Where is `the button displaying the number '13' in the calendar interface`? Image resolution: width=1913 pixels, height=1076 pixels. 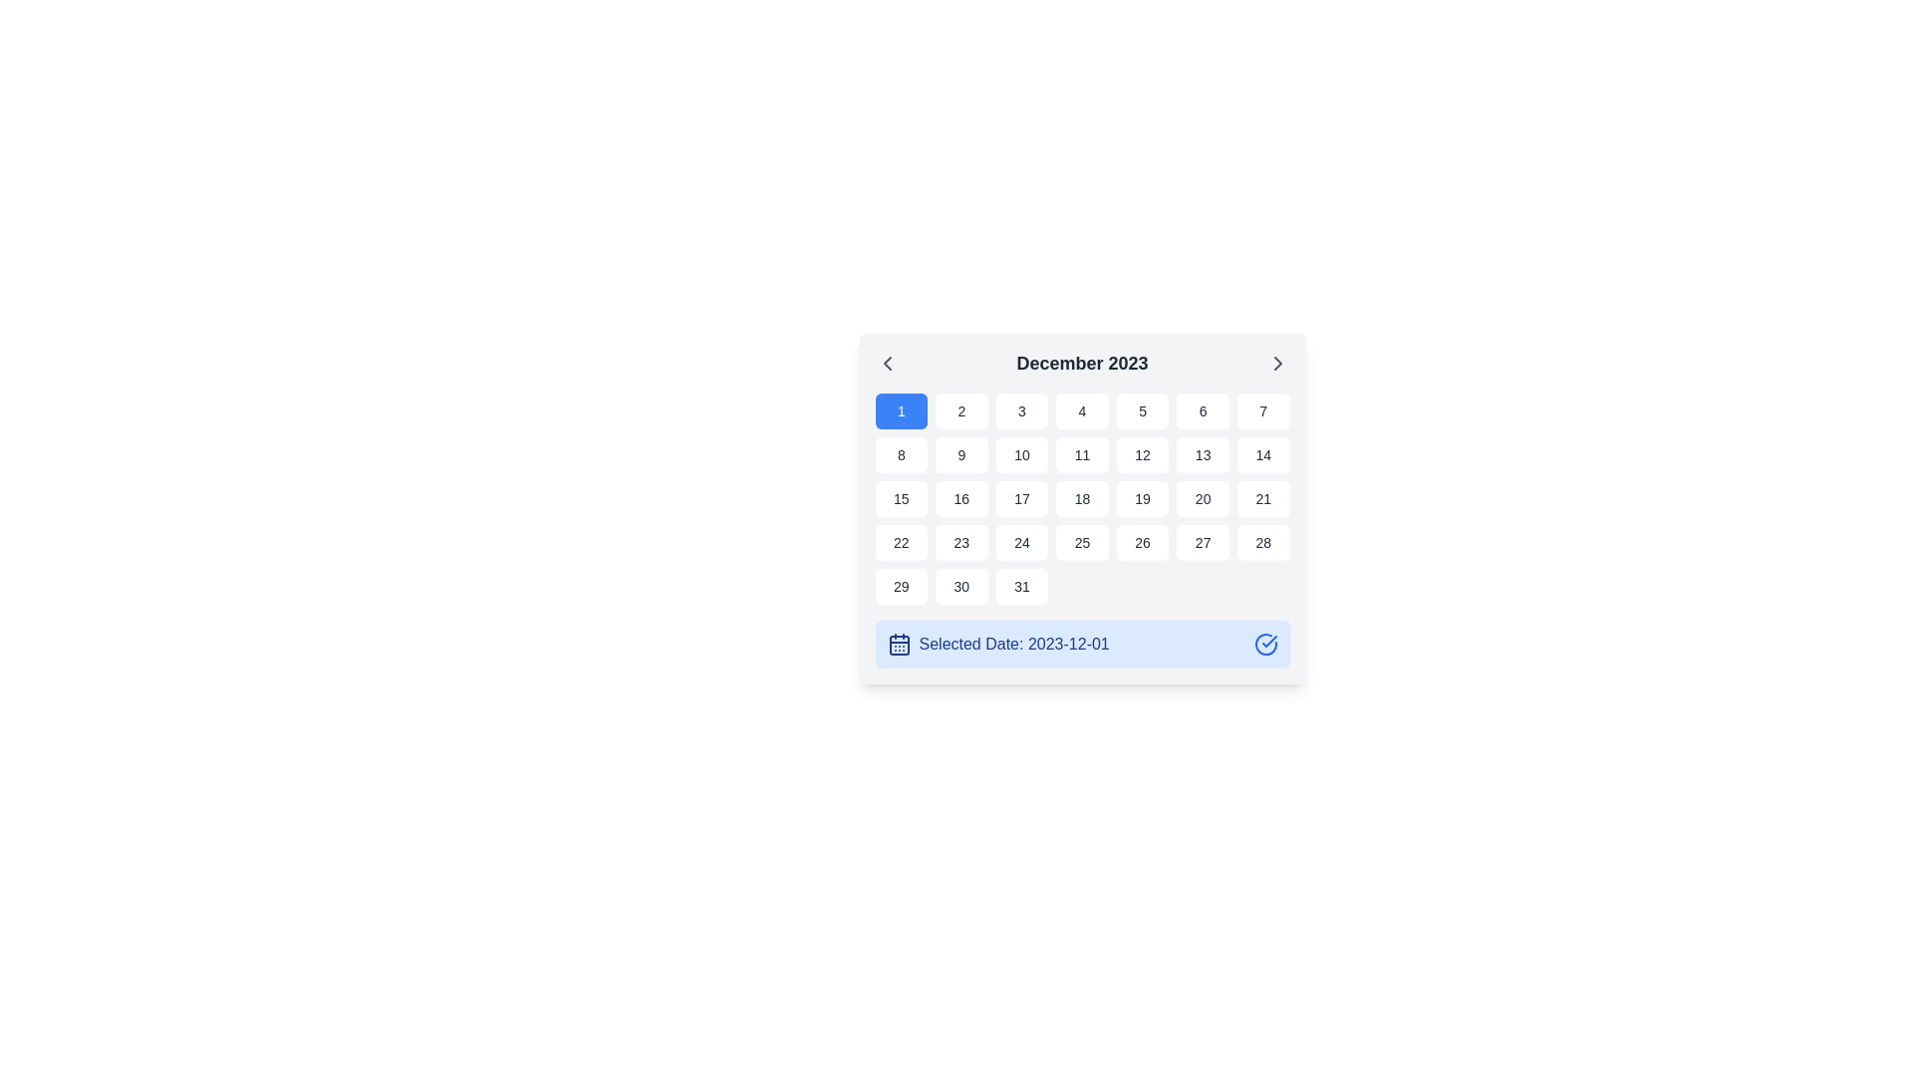 the button displaying the number '13' in the calendar interface is located at coordinates (1202, 454).